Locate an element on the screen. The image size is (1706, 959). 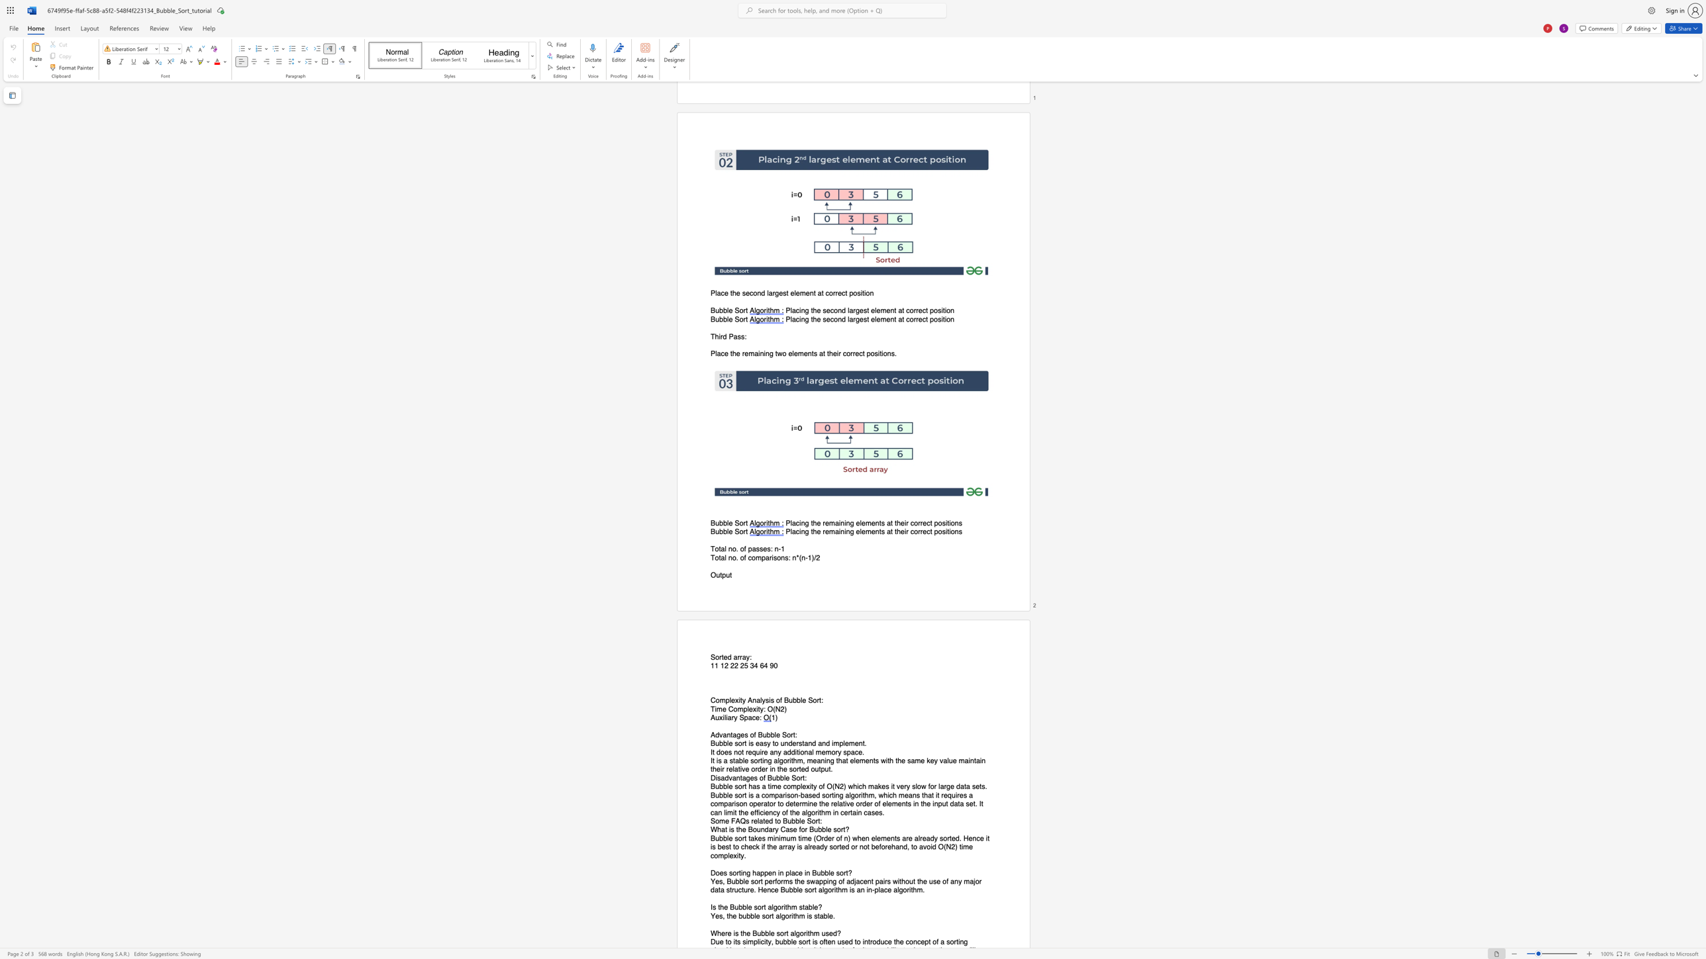
the 1th character "d" in the text is located at coordinates (730, 657).